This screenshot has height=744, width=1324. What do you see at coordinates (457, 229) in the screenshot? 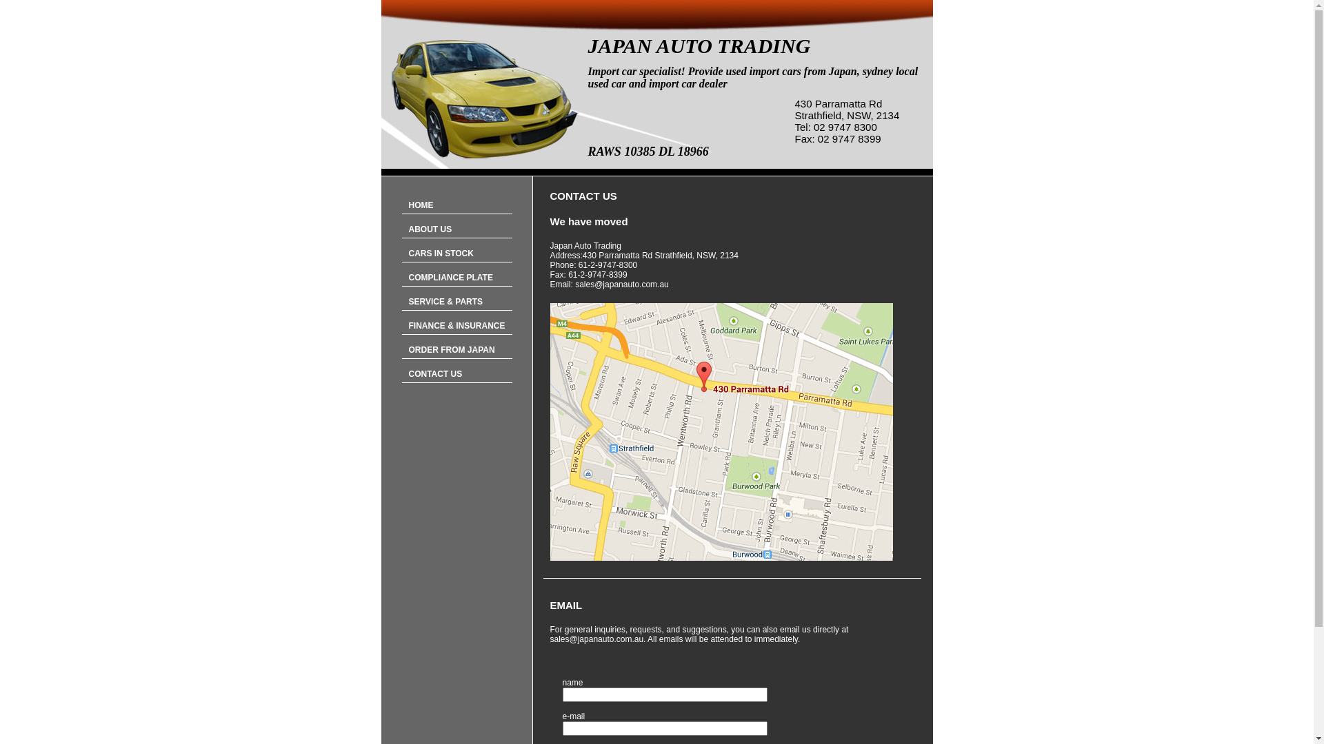
I see `'ABOUT US'` at bounding box center [457, 229].